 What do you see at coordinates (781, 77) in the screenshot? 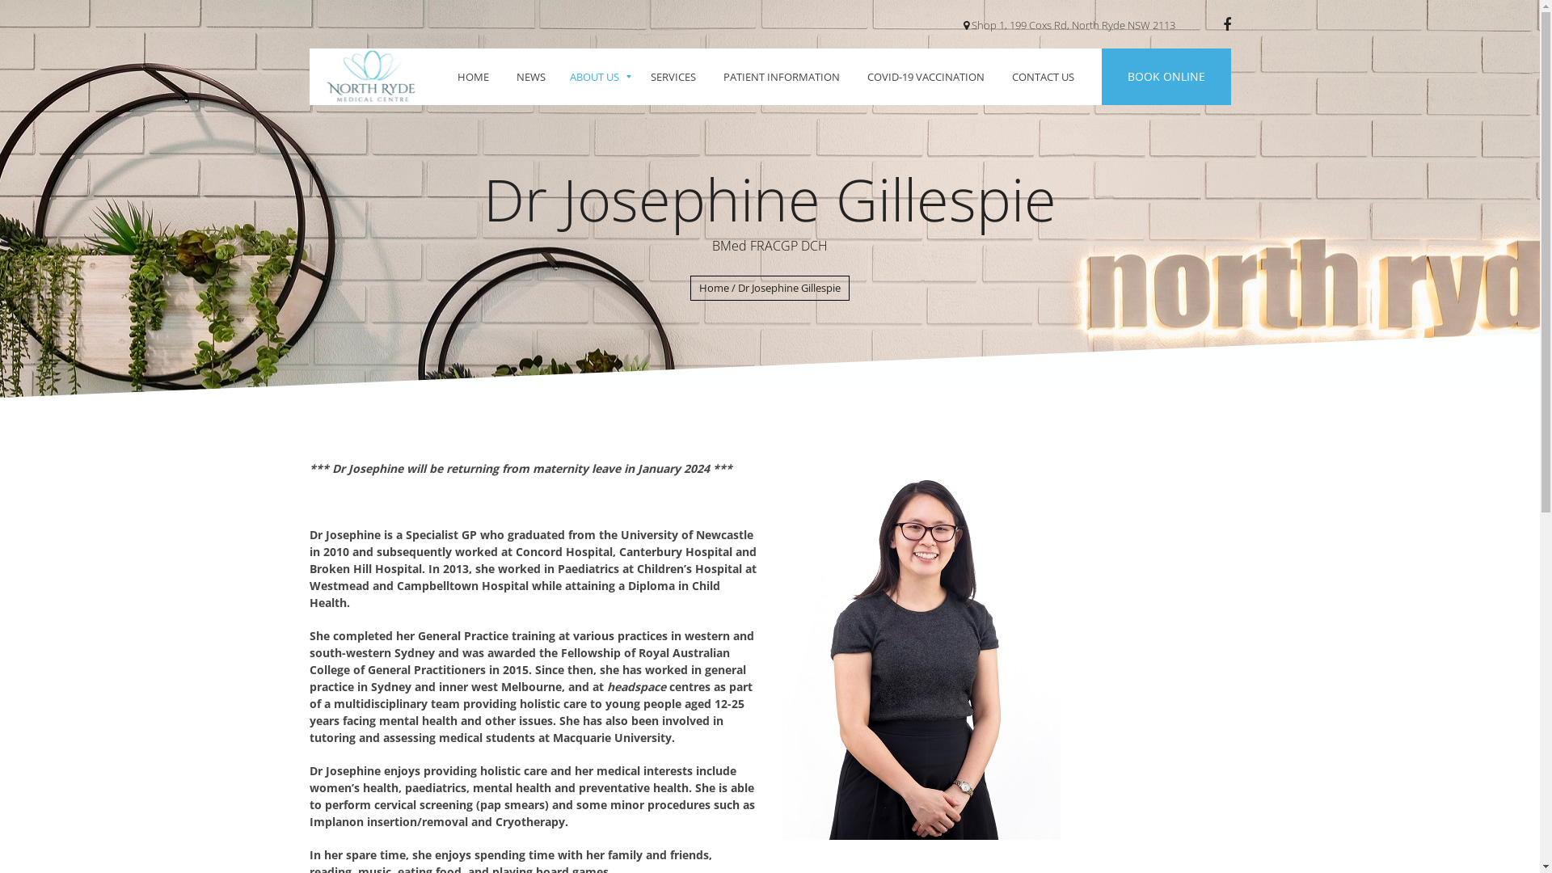
I see `'PATIENT INFORMATION'` at bounding box center [781, 77].